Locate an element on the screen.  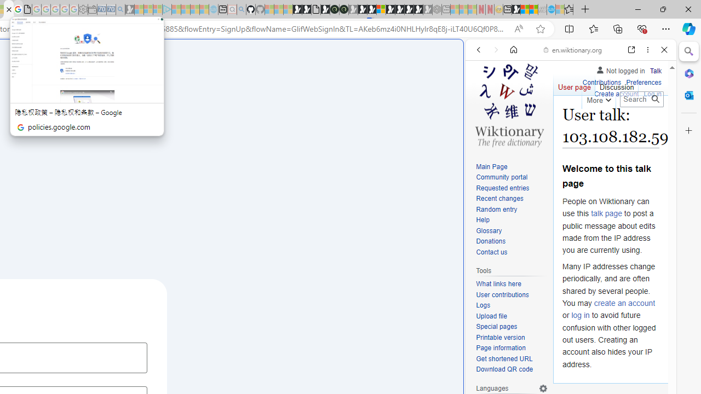
'Tabs you' is located at coordinates (151, 145).